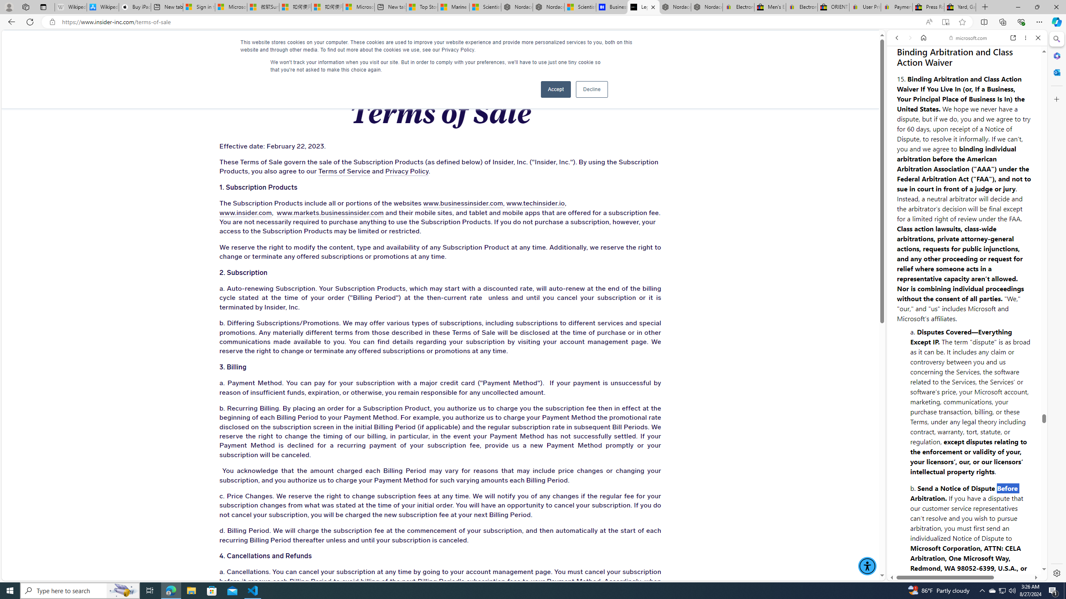  I want to click on 'Minimize Search pane', so click(1056, 39).